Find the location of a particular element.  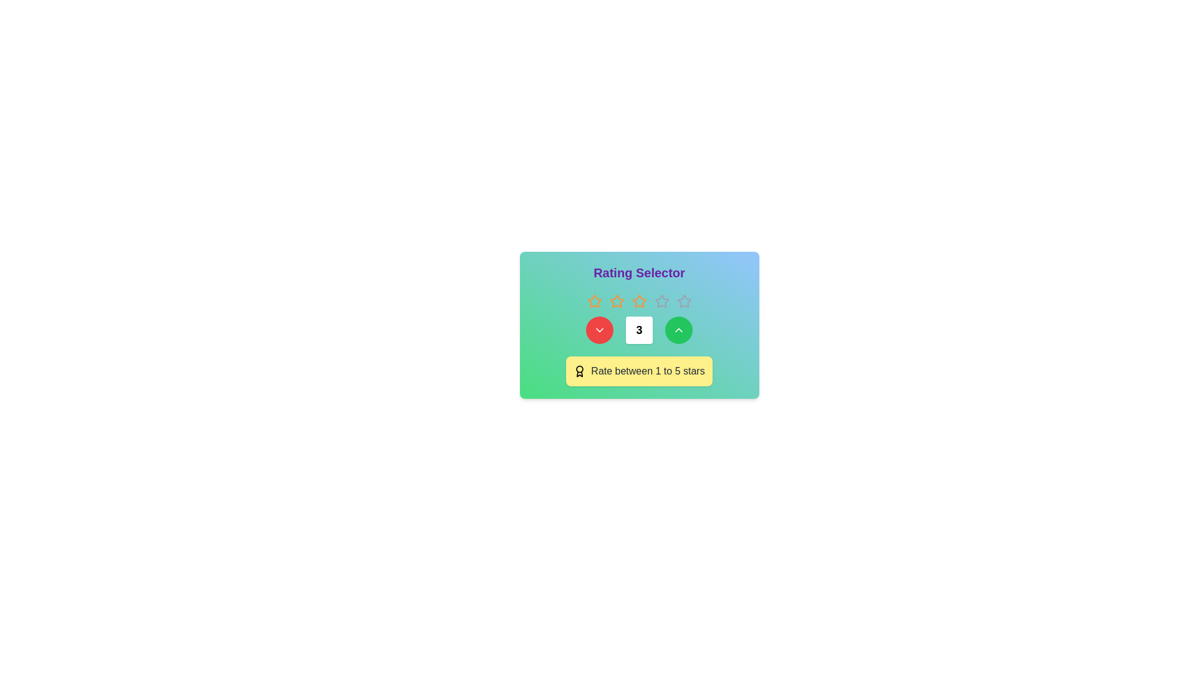

the star icon, the sixth in a row of eight stars located directly below the 'Rating Selector' heading, for accessibility purposes is located at coordinates (661, 301).